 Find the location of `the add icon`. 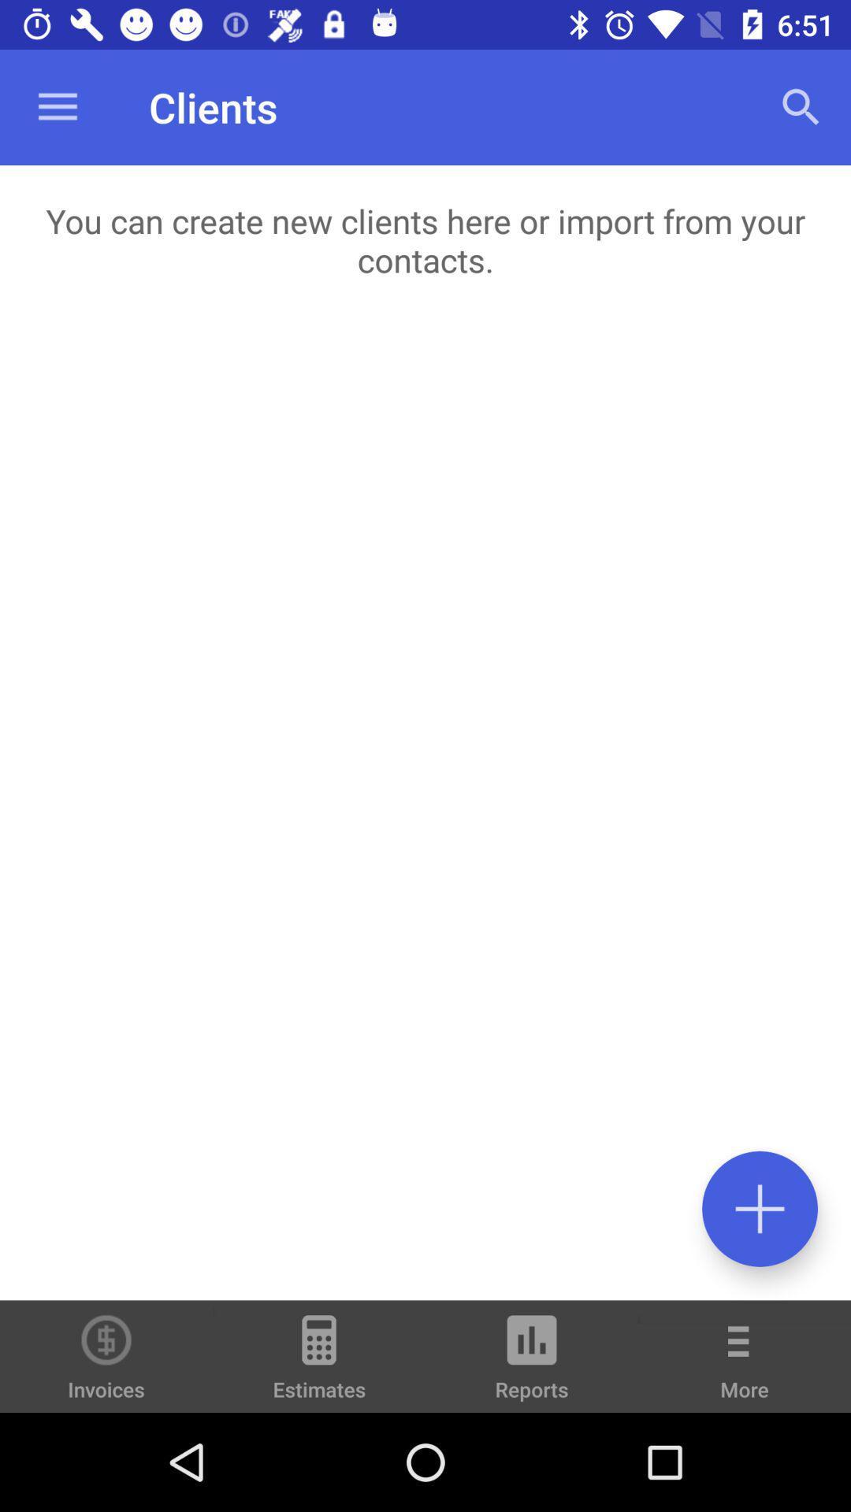

the add icon is located at coordinates (759, 1208).